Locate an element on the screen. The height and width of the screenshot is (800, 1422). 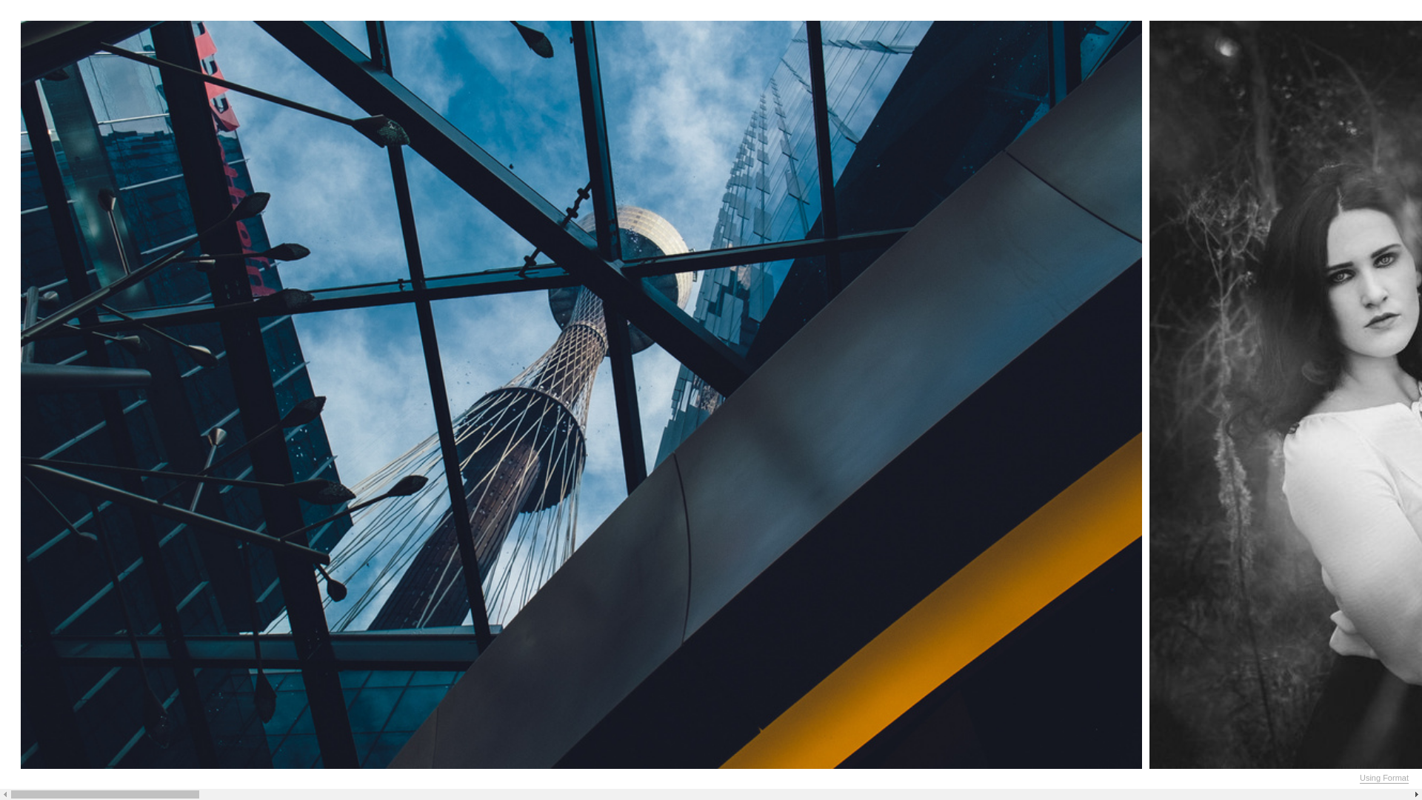
'Using Format' is located at coordinates (1383, 777).